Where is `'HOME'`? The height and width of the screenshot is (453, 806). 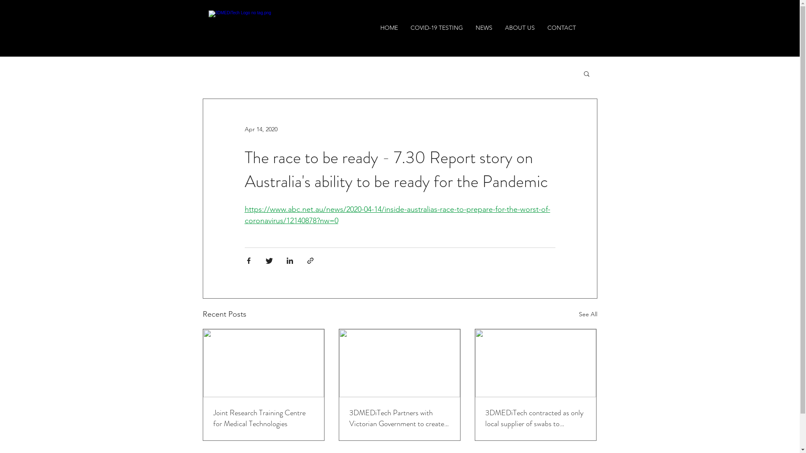 'HOME' is located at coordinates (388, 27).